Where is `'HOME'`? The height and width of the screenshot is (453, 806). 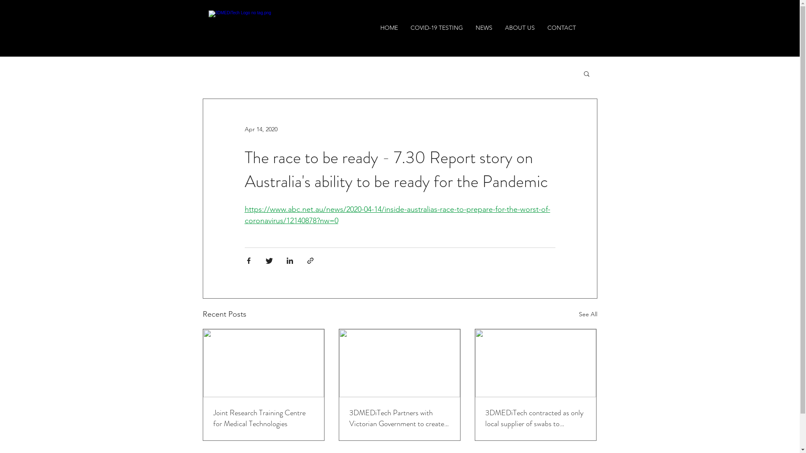 'HOME' is located at coordinates (388, 27).